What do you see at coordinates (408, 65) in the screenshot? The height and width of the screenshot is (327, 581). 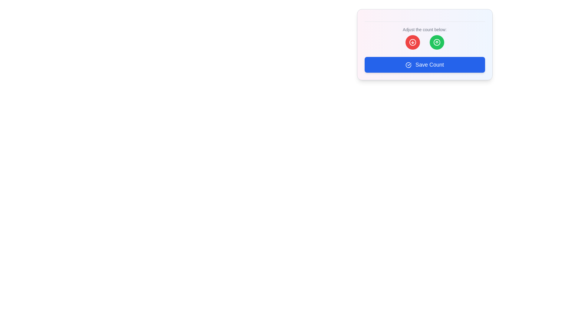 I see `the circular check icon with a blue background located to the left of the 'Save Count' button` at bounding box center [408, 65].